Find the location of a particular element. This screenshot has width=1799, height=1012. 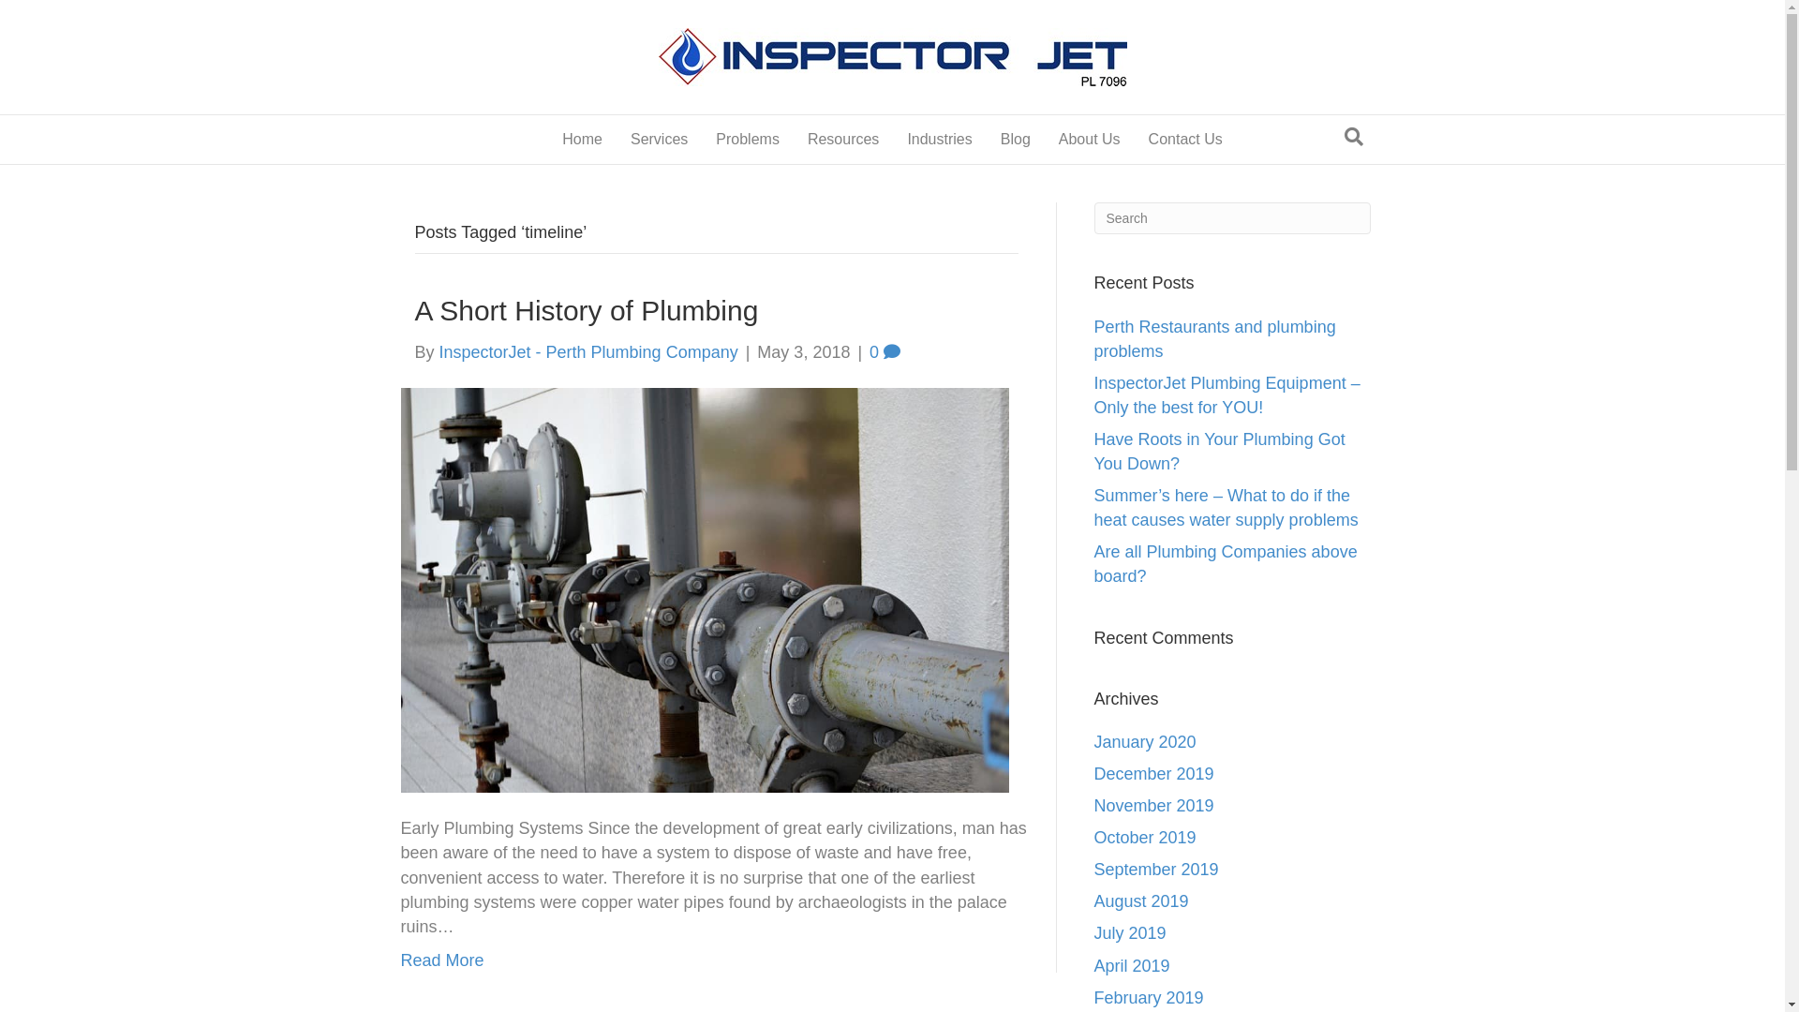

'September 2019' is located at coordinates (1155, 870).